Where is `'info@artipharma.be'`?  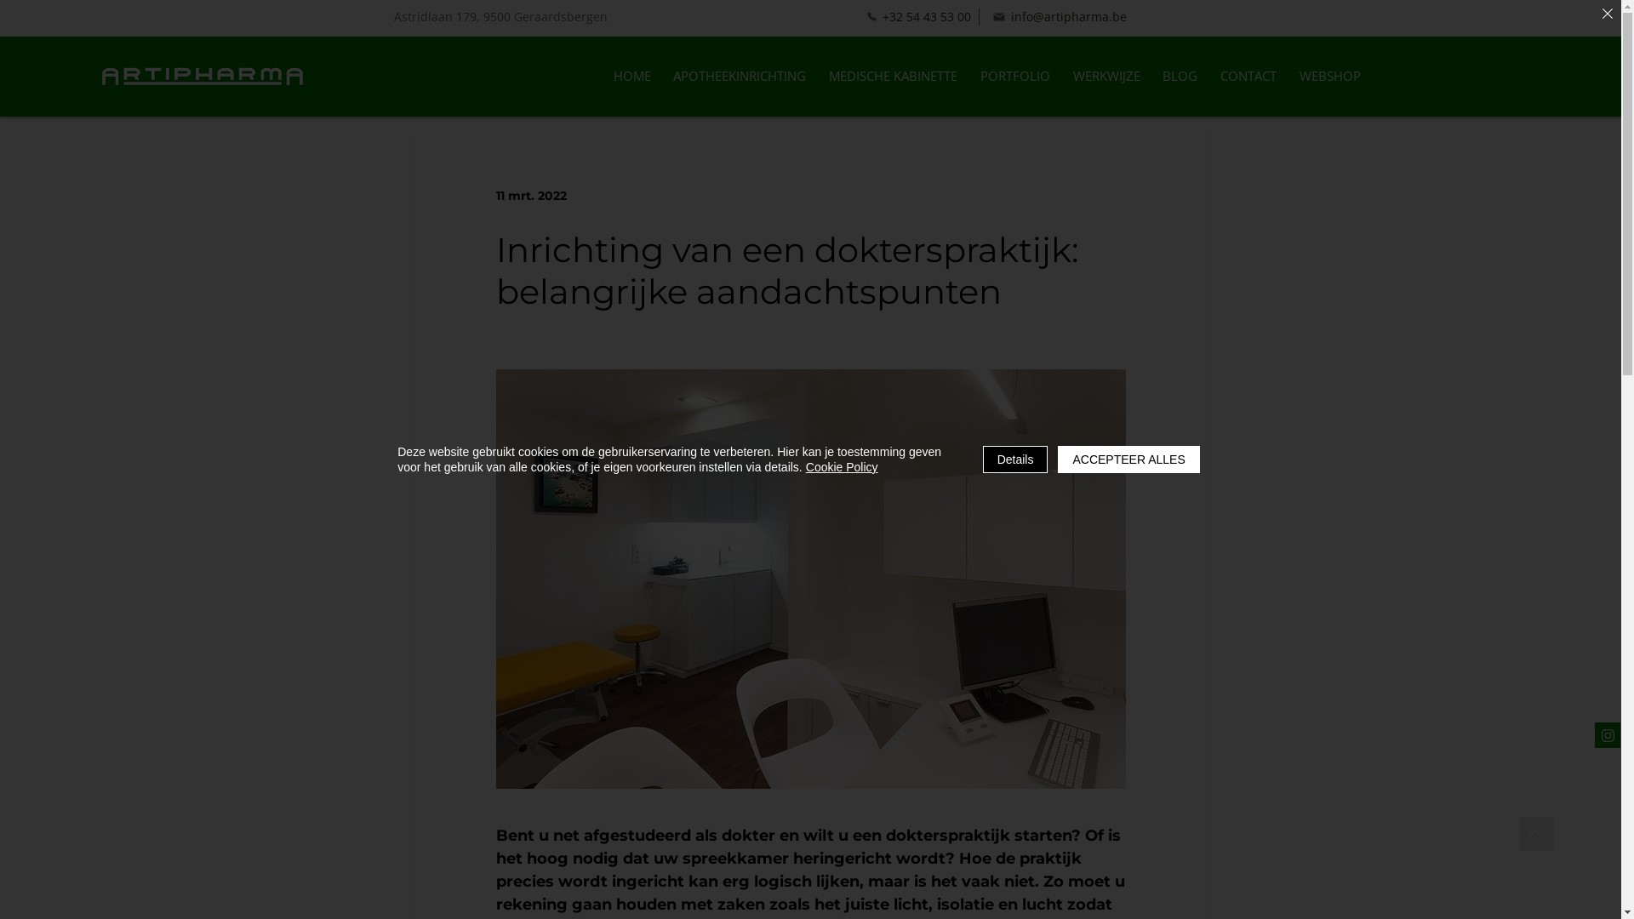 'info@artipharma.be' is located at coordinates (1058, 16).